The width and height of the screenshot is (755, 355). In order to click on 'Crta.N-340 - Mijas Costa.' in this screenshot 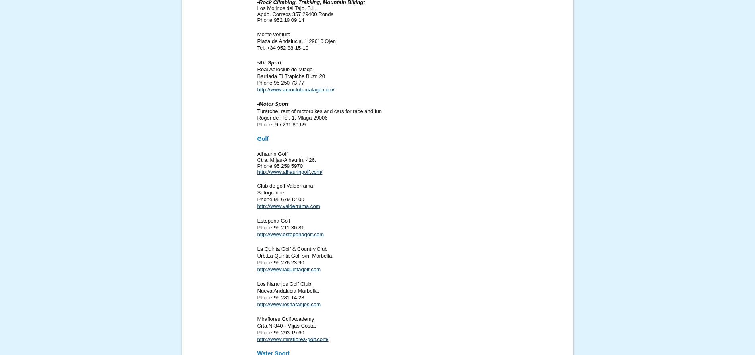, I will do `click(286, 325)`.